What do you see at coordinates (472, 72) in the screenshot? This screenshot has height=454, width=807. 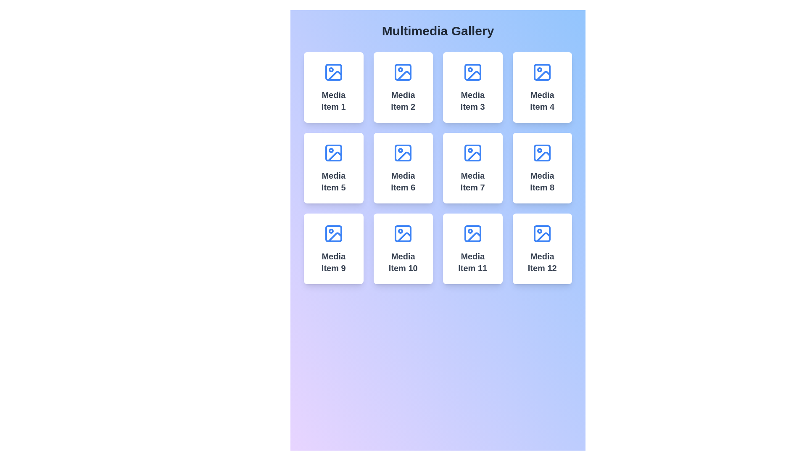 I see `the square icon representing a picture with a blue stroke and mountain-like shape, located in the 'Media Item 3' card, directly above the text label` at bounding box center [472, 72].